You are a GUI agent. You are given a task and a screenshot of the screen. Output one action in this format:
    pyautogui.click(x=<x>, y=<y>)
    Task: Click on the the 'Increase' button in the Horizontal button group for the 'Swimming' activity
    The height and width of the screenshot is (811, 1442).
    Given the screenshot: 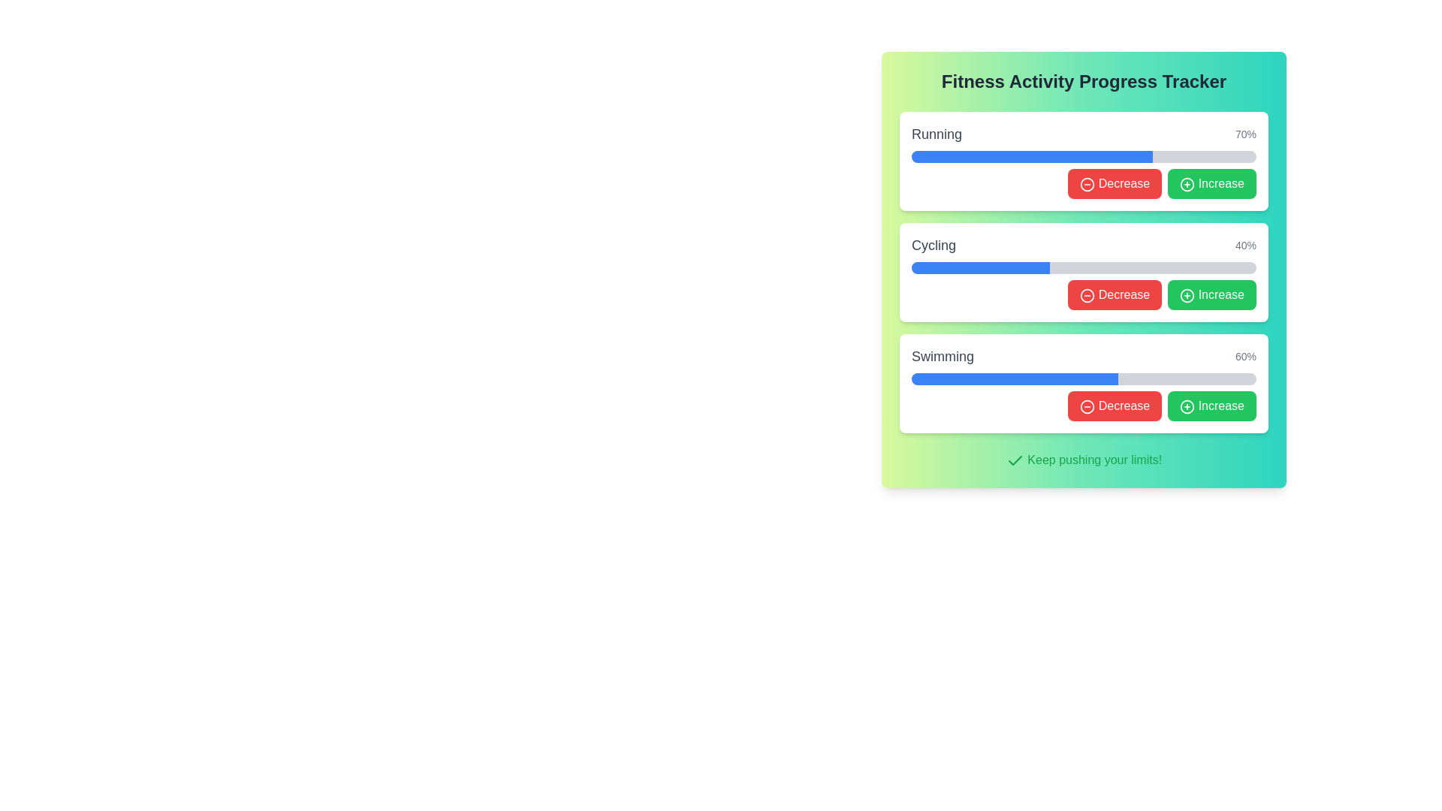 What is the action you would take?
    pyautogui.click(x=1084, y=405)
    